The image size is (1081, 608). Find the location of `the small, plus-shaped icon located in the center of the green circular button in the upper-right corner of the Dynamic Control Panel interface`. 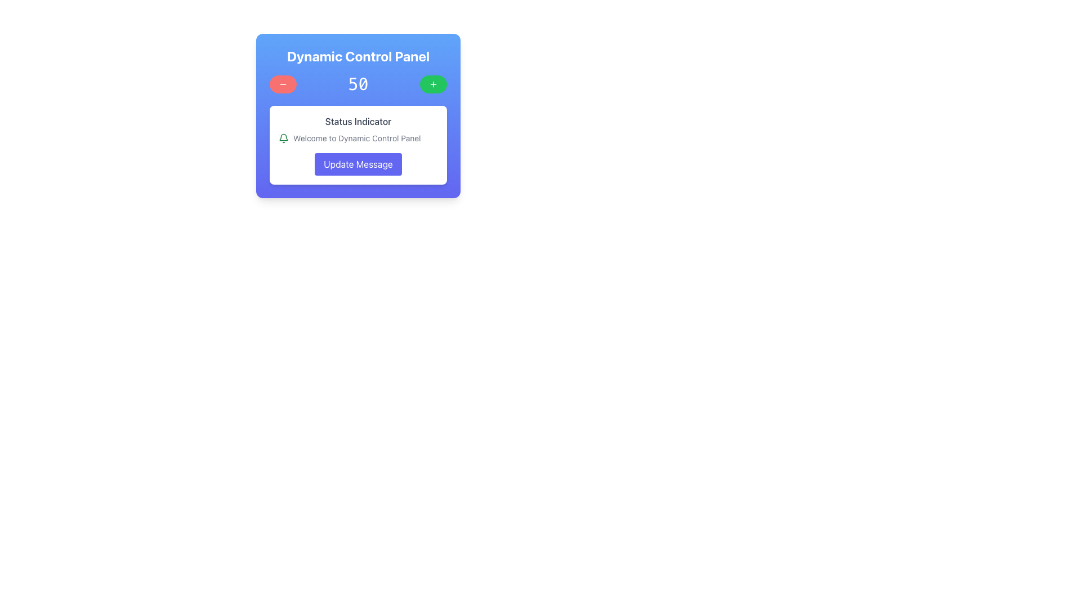

the small, plus-shaped icon located in the center of the green circular button in the upper-right corner of the Dynamic Control Panel interface is located at coordinates (432, 84).